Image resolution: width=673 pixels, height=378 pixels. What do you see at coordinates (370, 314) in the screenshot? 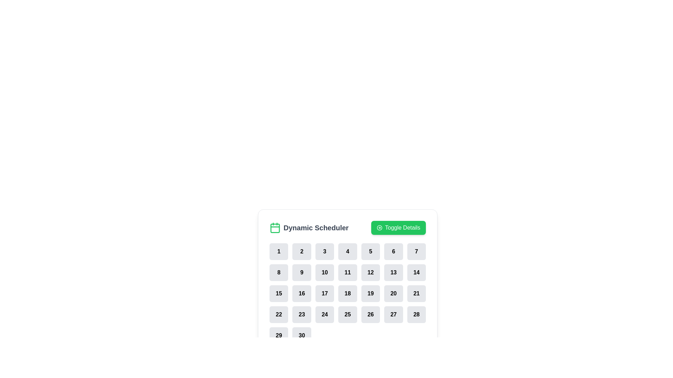
I see `the button labeled '26' with rounded corners to trigger the color change from light gray to light green` at bounding box center [370, 314].